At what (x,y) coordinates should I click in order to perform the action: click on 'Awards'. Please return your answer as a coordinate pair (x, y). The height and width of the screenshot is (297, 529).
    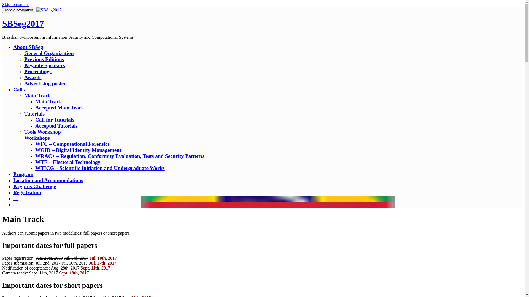
    Looking at the image, I should click on (24, 77).